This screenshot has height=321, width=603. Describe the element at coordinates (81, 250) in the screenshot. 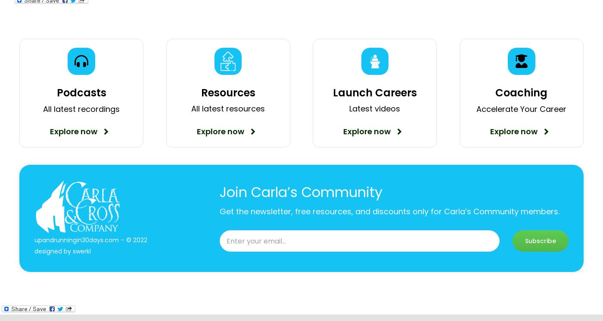

I see `'swerkl'` at that location.